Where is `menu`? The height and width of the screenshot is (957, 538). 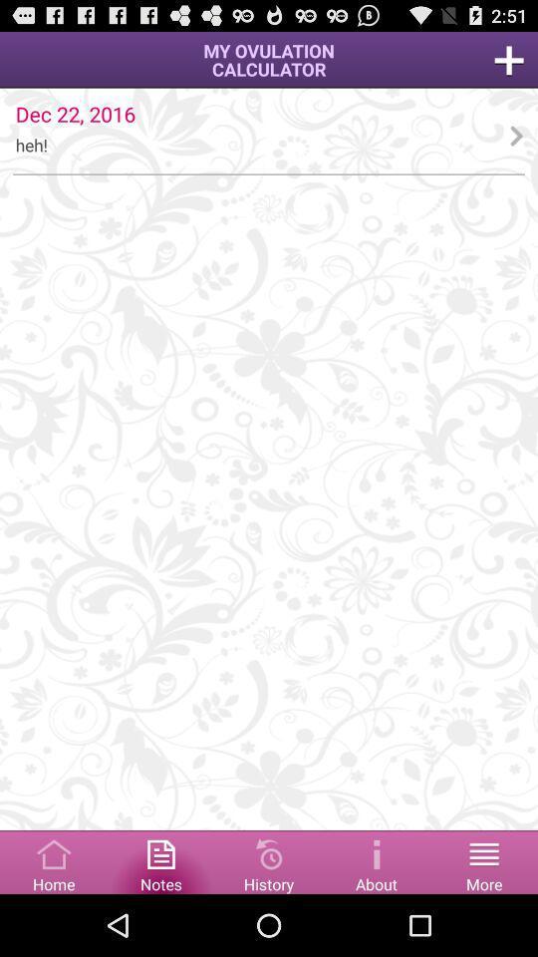 menu is located at coordinates (483, 860).